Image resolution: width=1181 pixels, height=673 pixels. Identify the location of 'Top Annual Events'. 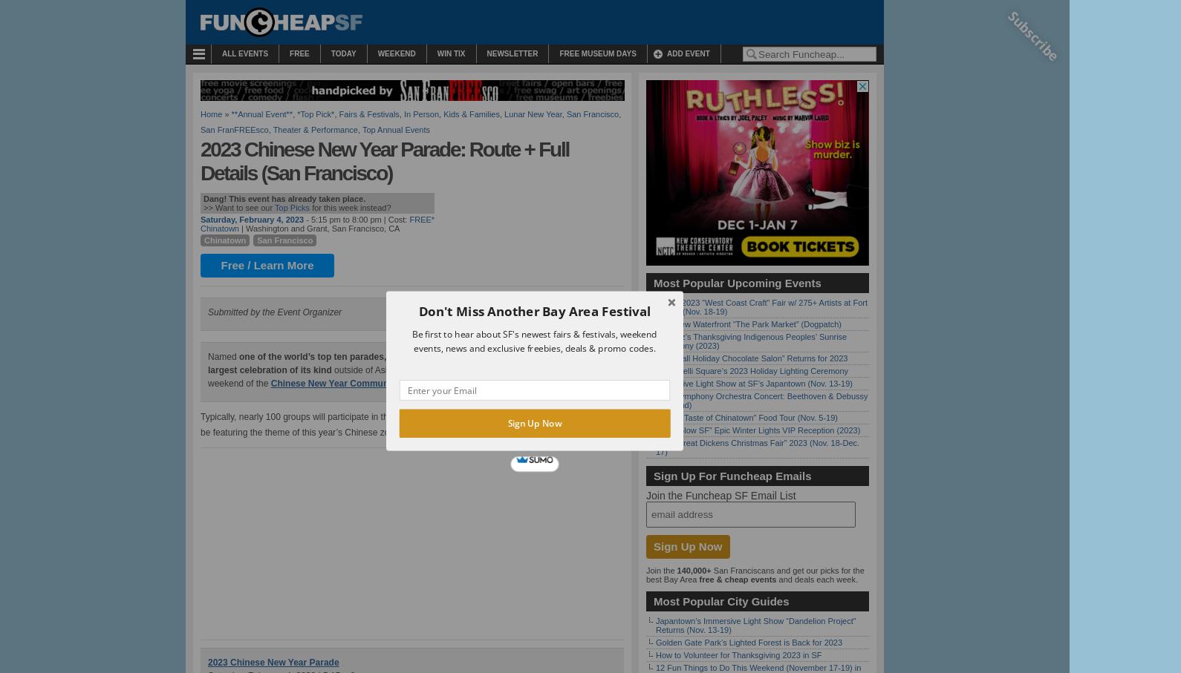
(395, 128).